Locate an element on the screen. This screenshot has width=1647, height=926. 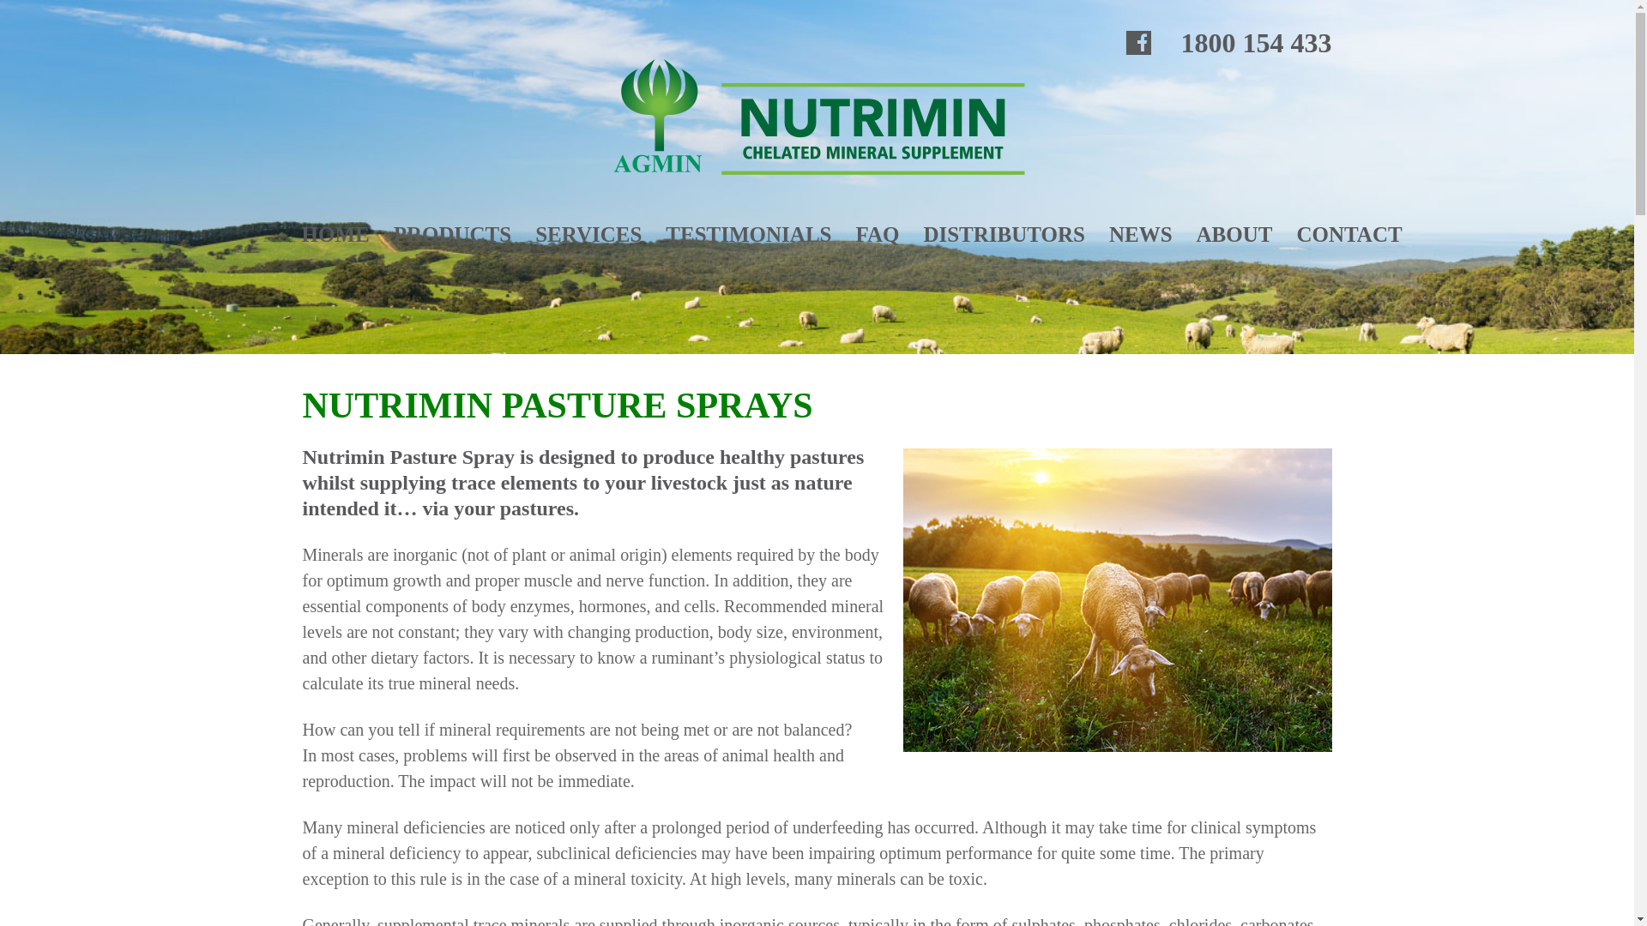
'ABOUT' is located at coordinates (1234, 234).